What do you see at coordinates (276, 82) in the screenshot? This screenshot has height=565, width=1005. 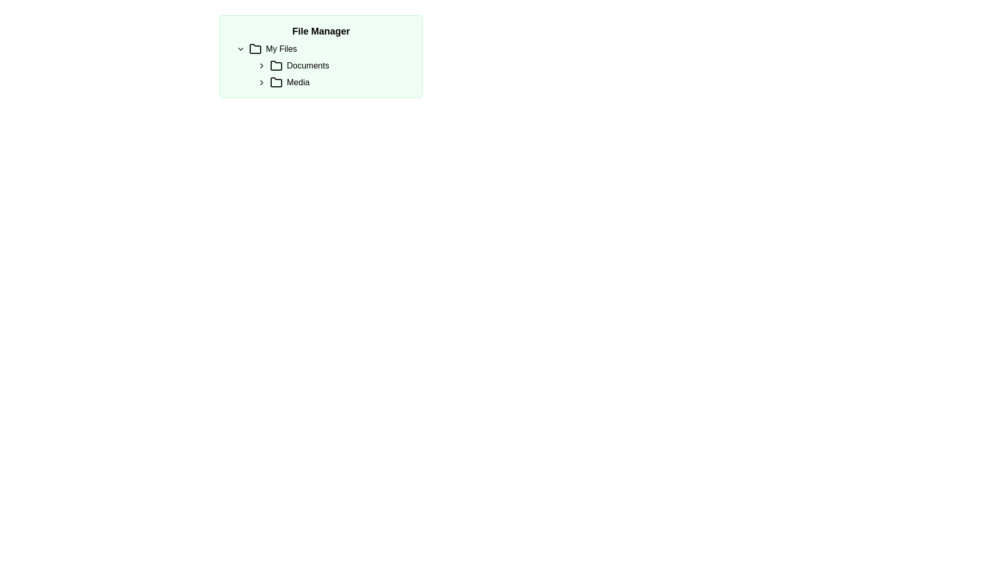 I see `the folder icon, which has a simple outline design with a black stroke, located to the left of the 'Media' text` at bounding box center [276, 82].